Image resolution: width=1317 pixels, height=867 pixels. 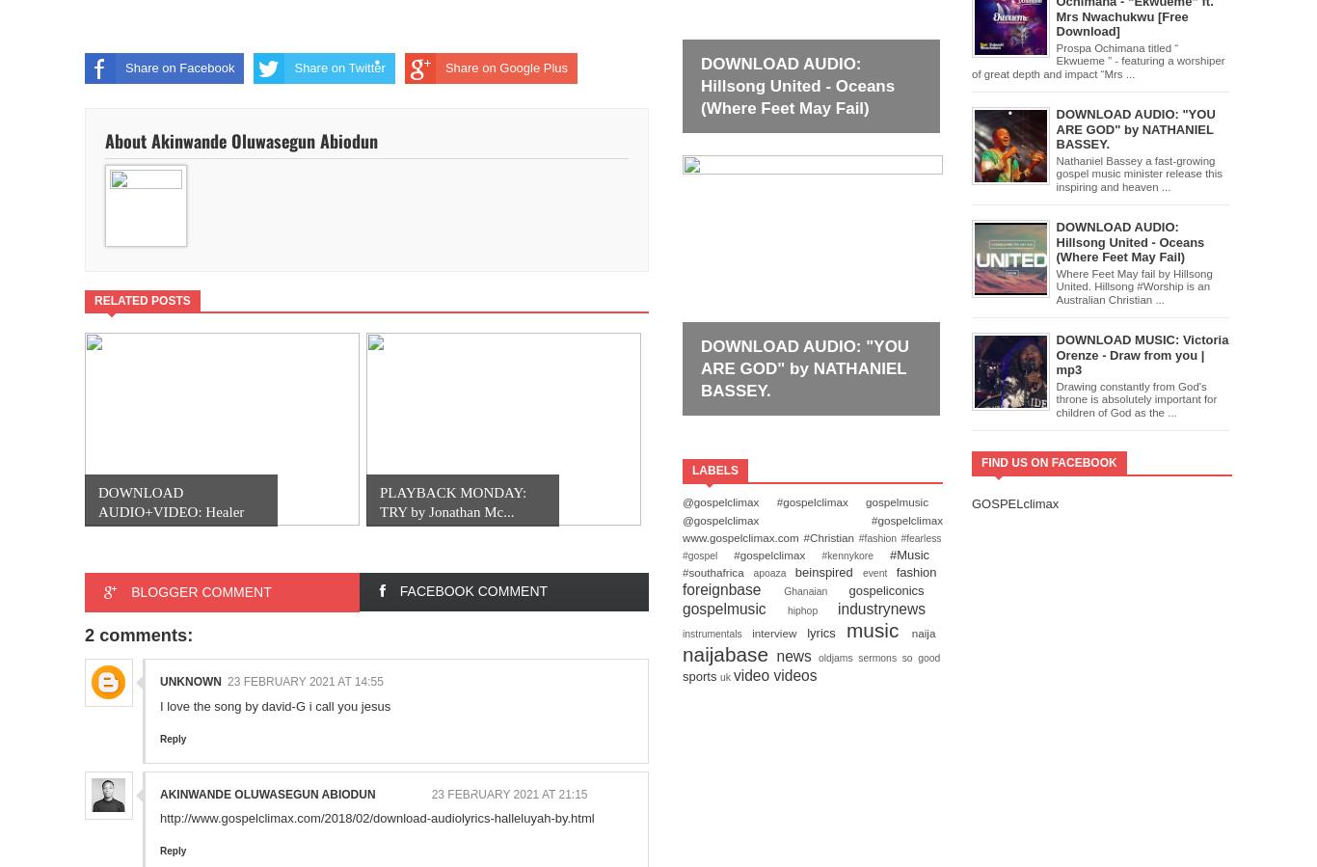 I want to click on 'industrynews', so click(x=881, y=607).